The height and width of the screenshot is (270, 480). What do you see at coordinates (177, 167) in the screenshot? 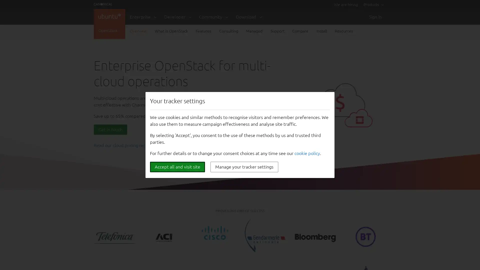
I see `Accept all and visit site` at bounding box center [177, 167].